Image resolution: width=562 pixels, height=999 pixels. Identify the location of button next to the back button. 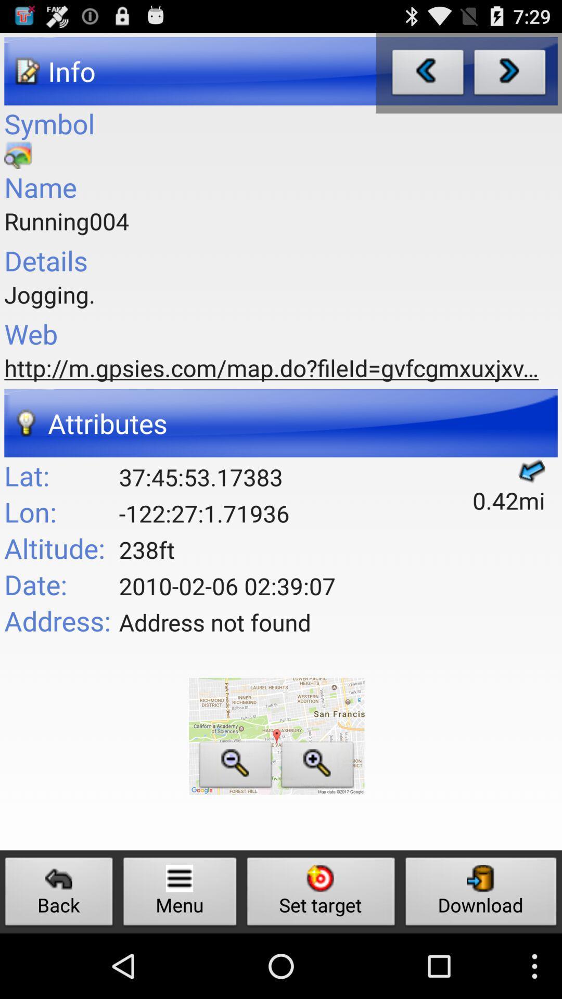
(180, 894).